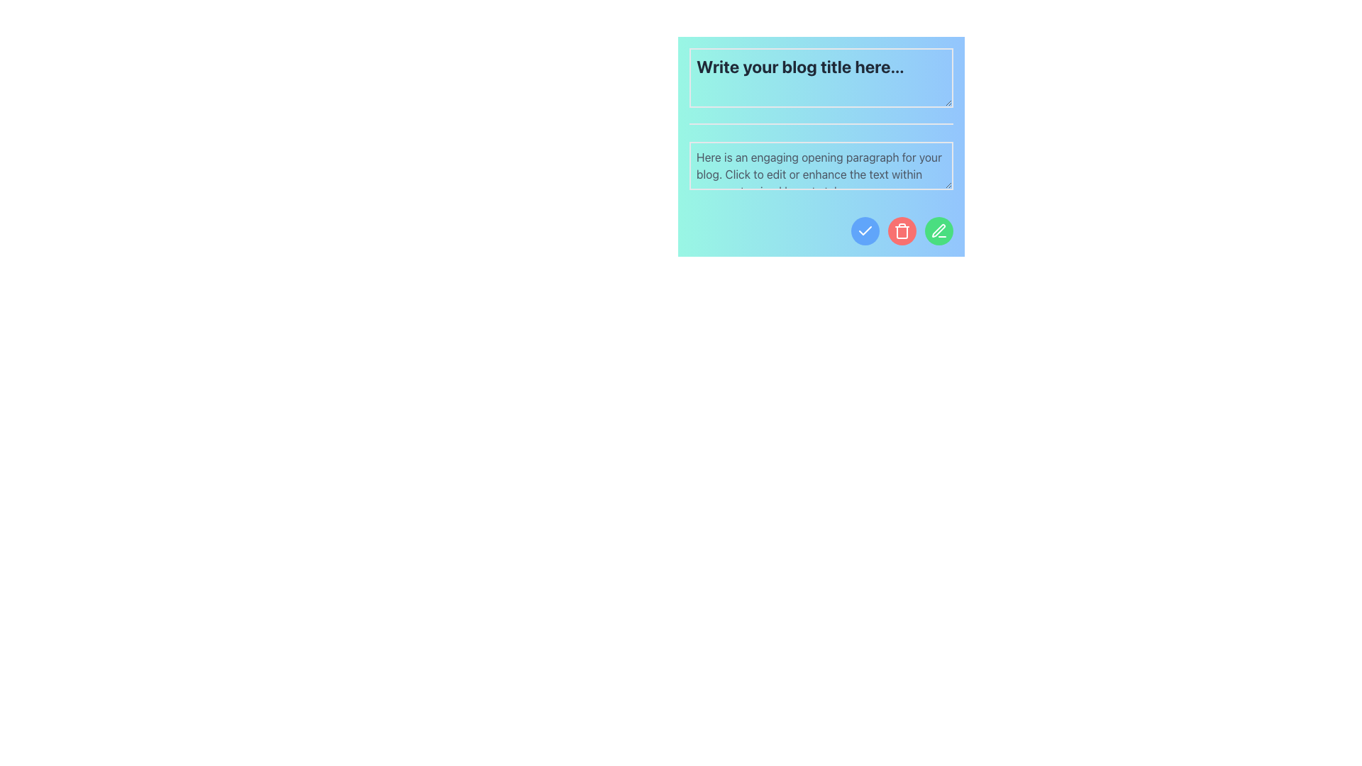 The height and width of the screenshot is (766, 1362). I want to click on the text input box, so click(821, 165).